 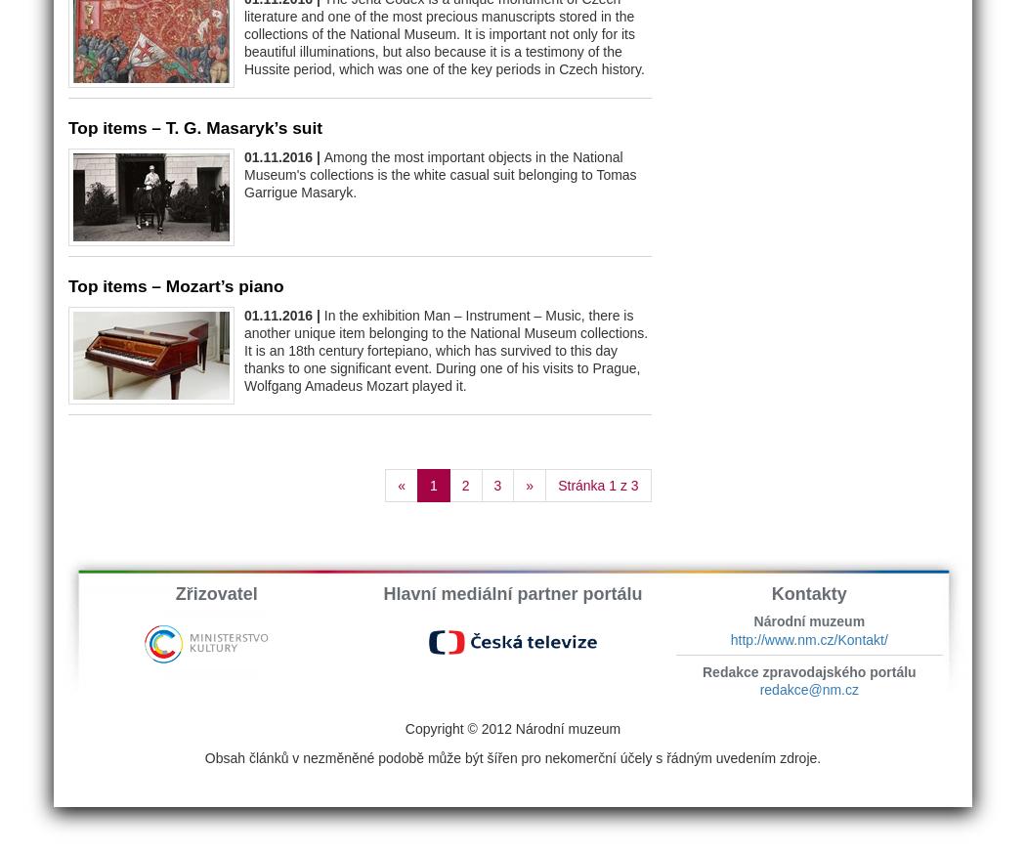 I want to click on 'Zřizovatel', so click(x=215, y=593).